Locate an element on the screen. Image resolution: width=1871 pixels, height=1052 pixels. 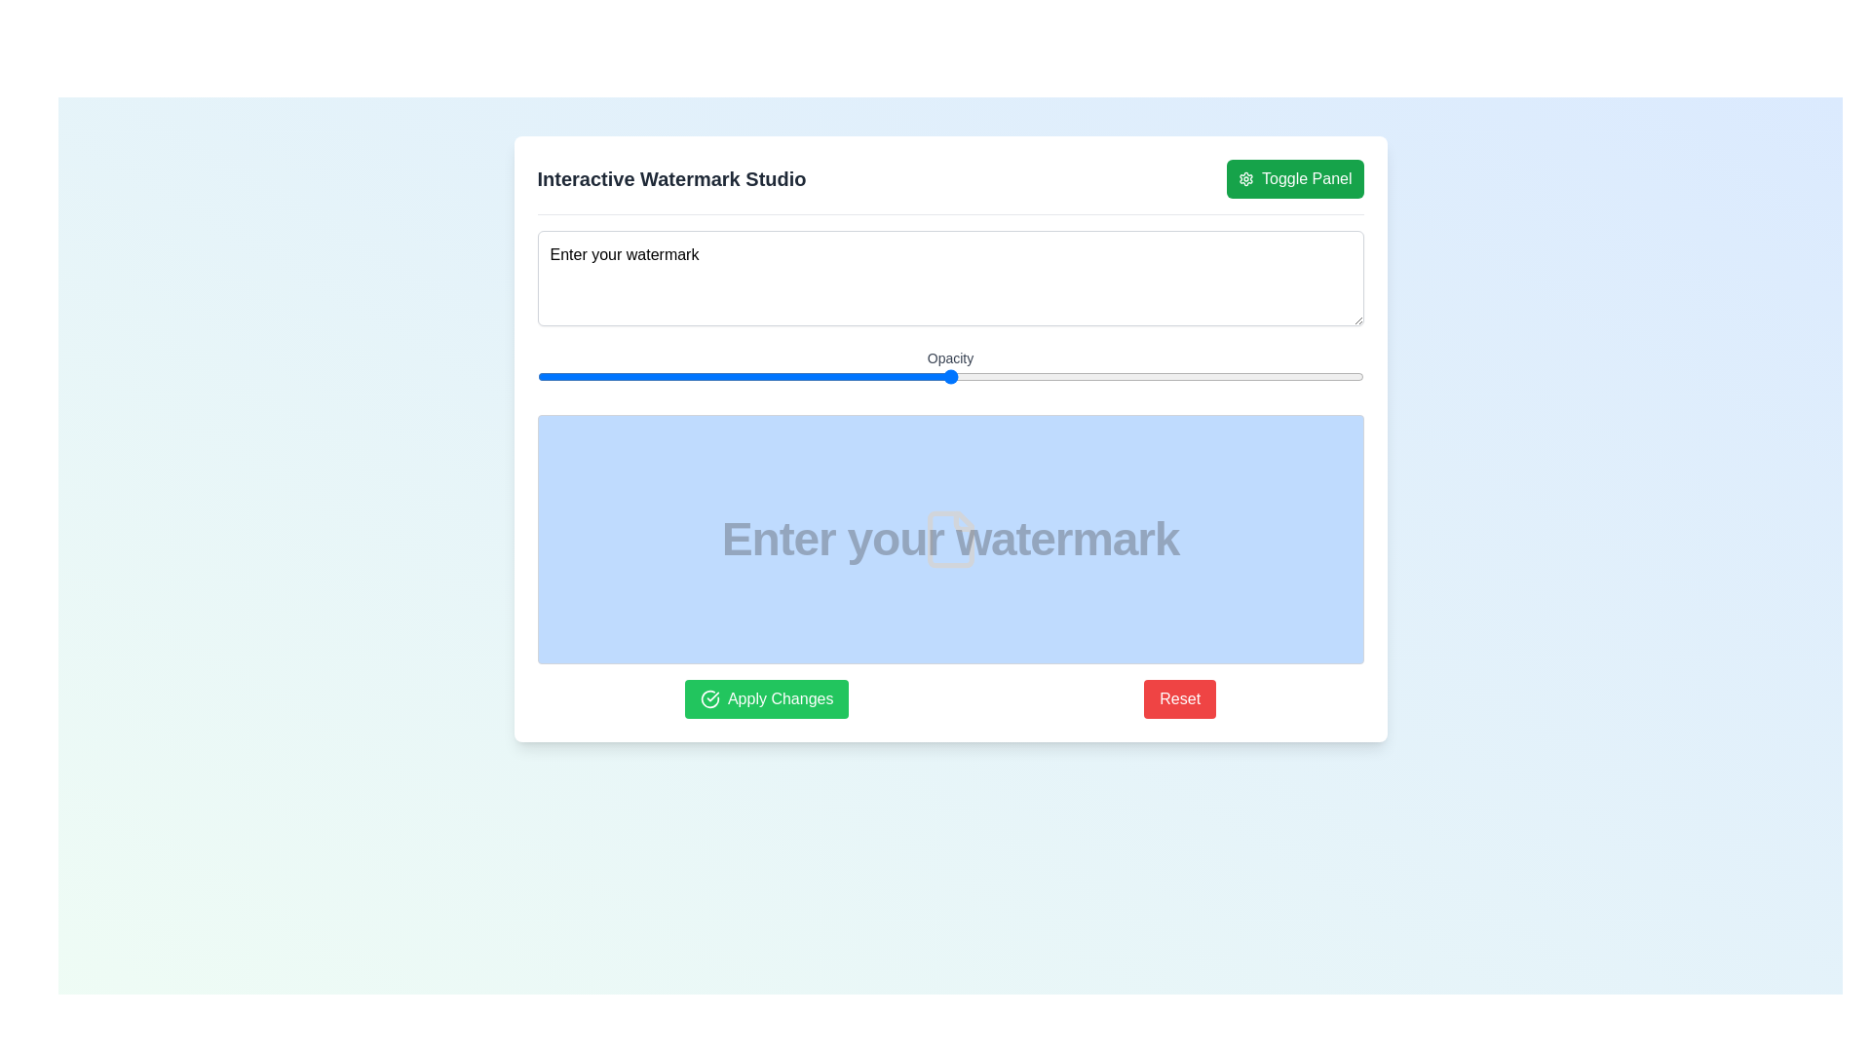
the green 'Toggle Panel' button at the top-right corner of the application's header, which features a settings icon at its beginning is located at coordinates (1244, 179).